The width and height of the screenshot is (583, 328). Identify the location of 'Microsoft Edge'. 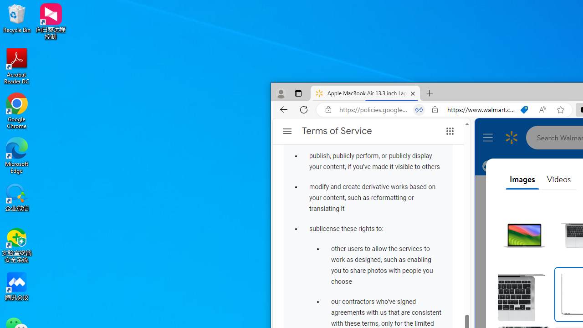
(17, 155).